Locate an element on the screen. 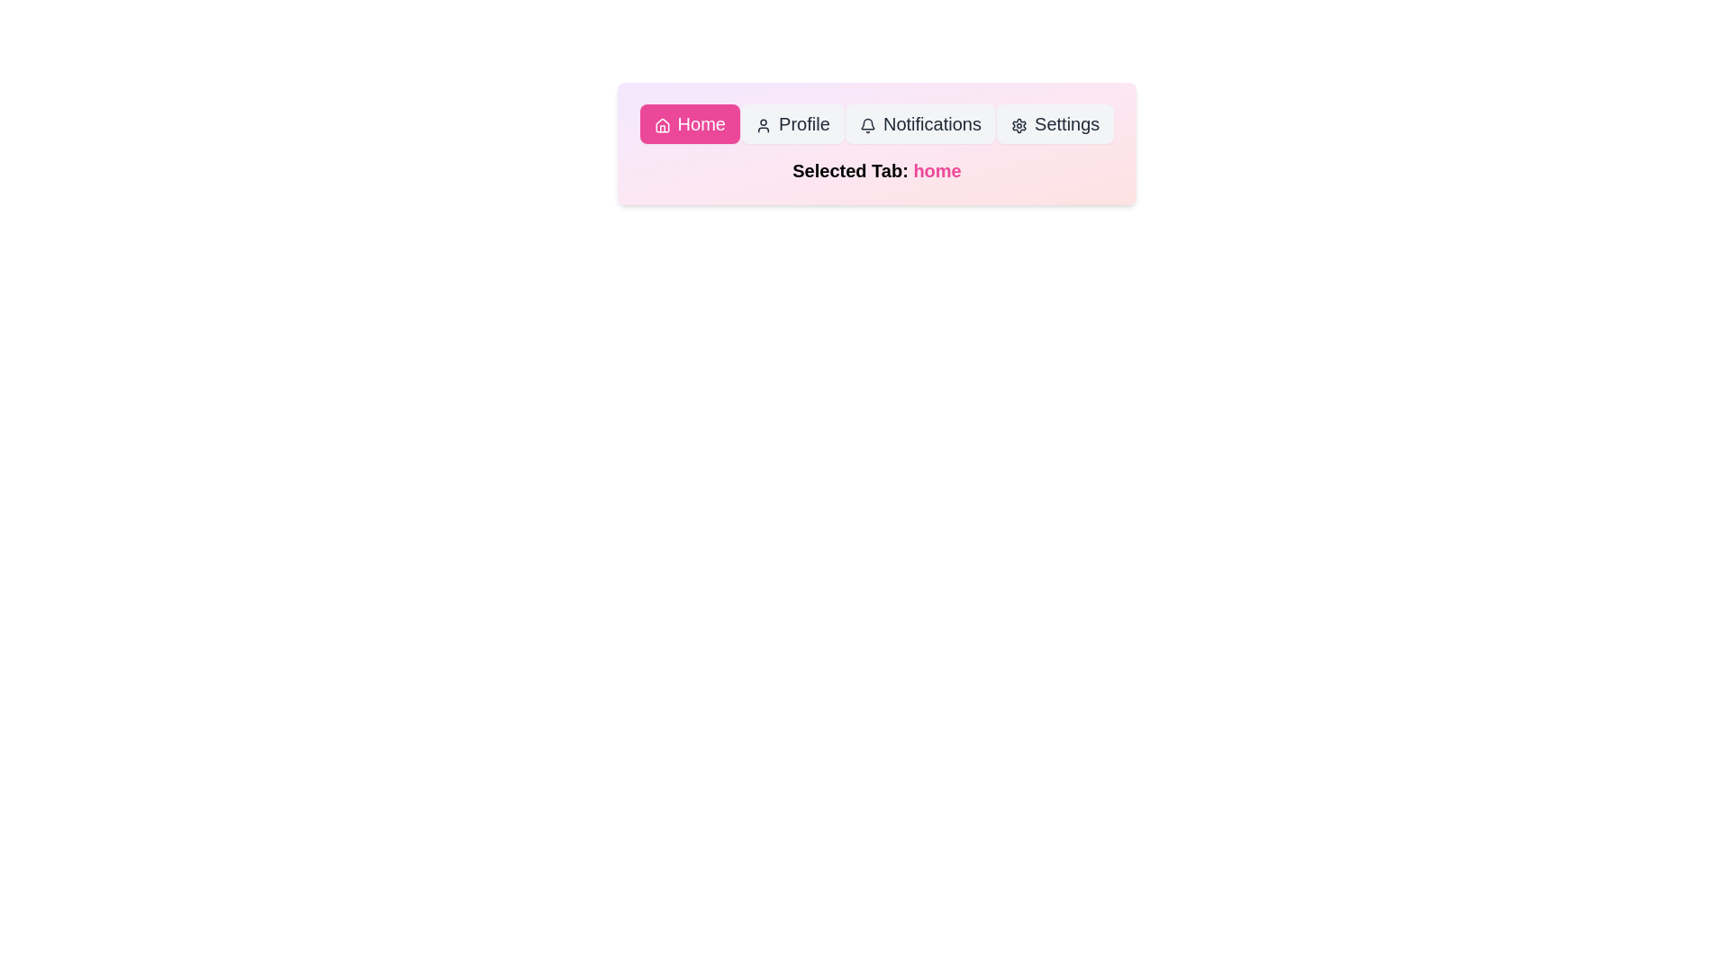 This screenshot has height=972, width=1729. the bell icon that represents the notifications tab, located in the navigation bar at the top center area is located at coordinates (868, 124).